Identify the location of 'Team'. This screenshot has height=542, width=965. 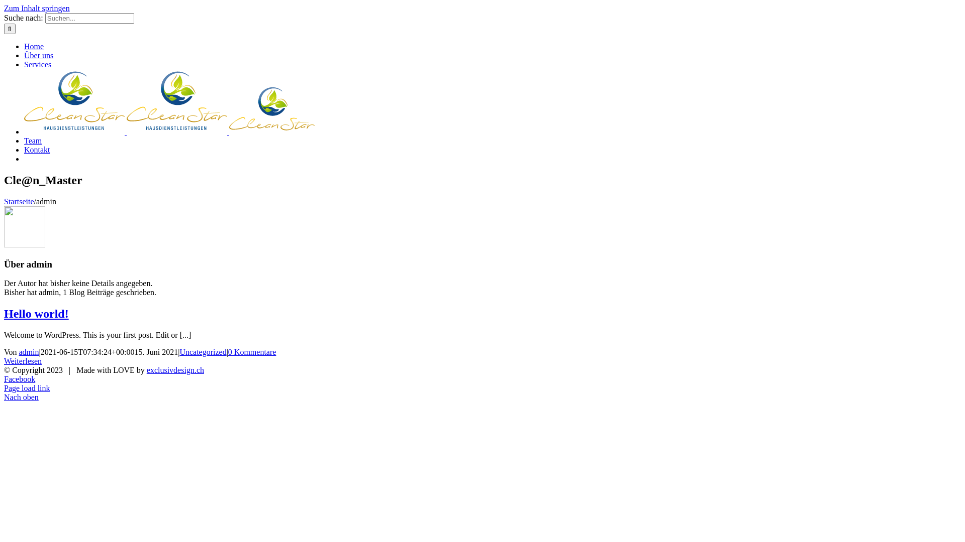
(33, 141).